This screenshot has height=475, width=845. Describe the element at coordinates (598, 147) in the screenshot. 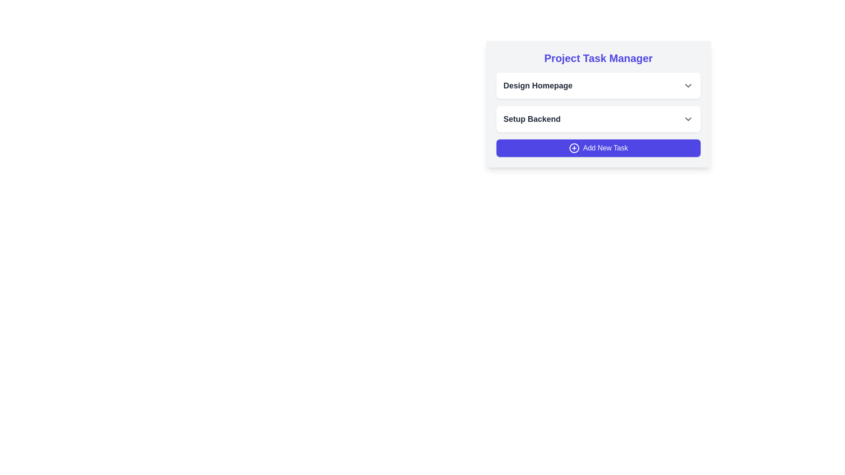

I see `the 'Add New Task' button, which is a horizontally long button with rounded corners, vibrant indigo background, and white text with a circular plus icon` at that location.